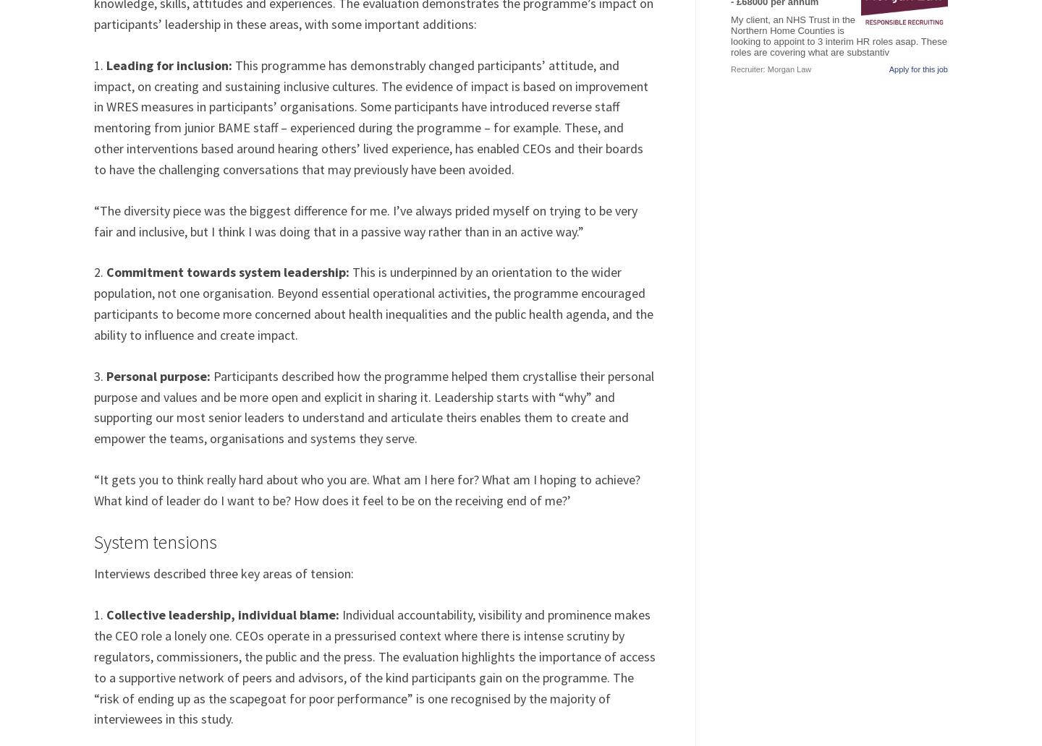 This screenshot has width=1042, height=746. What do you see at coordinates (373, 406) in the screenshot?
I see `'Participants described how the programme helped them crystallise their personal purpose and values and be more open and explicit in sharing it. Leadership starts with “why” and supporting our most senior leaders to understand and articulate theirs enables them to create and empower the teams, organisations and systems they serve.'` at bounding box center [373, 406].